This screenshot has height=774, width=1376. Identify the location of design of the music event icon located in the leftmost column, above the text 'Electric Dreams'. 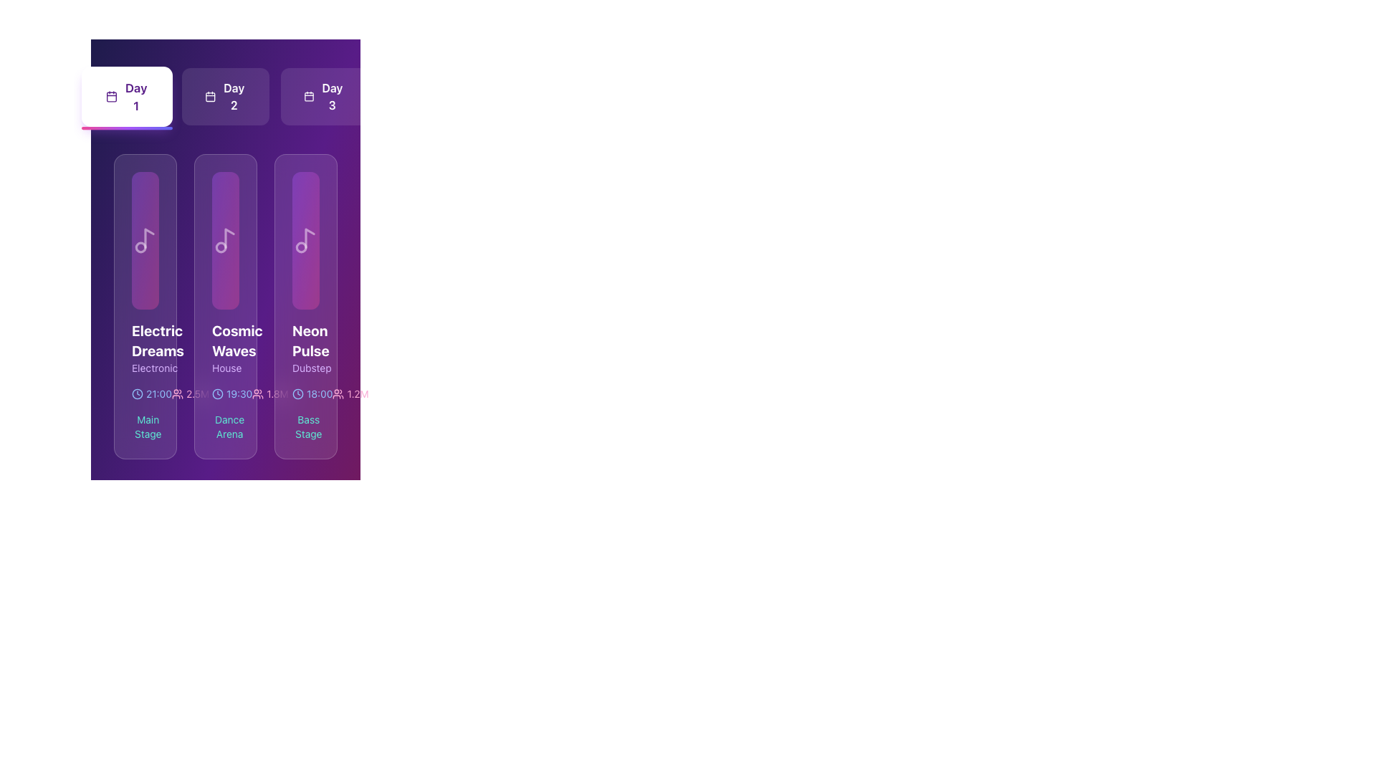
(145, 239).